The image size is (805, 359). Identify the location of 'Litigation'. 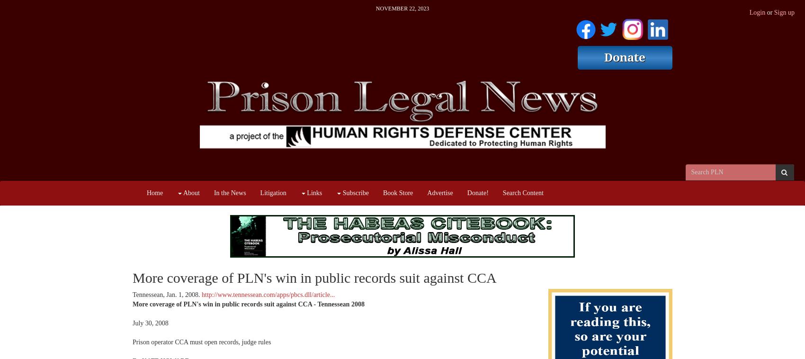
(272, 192).